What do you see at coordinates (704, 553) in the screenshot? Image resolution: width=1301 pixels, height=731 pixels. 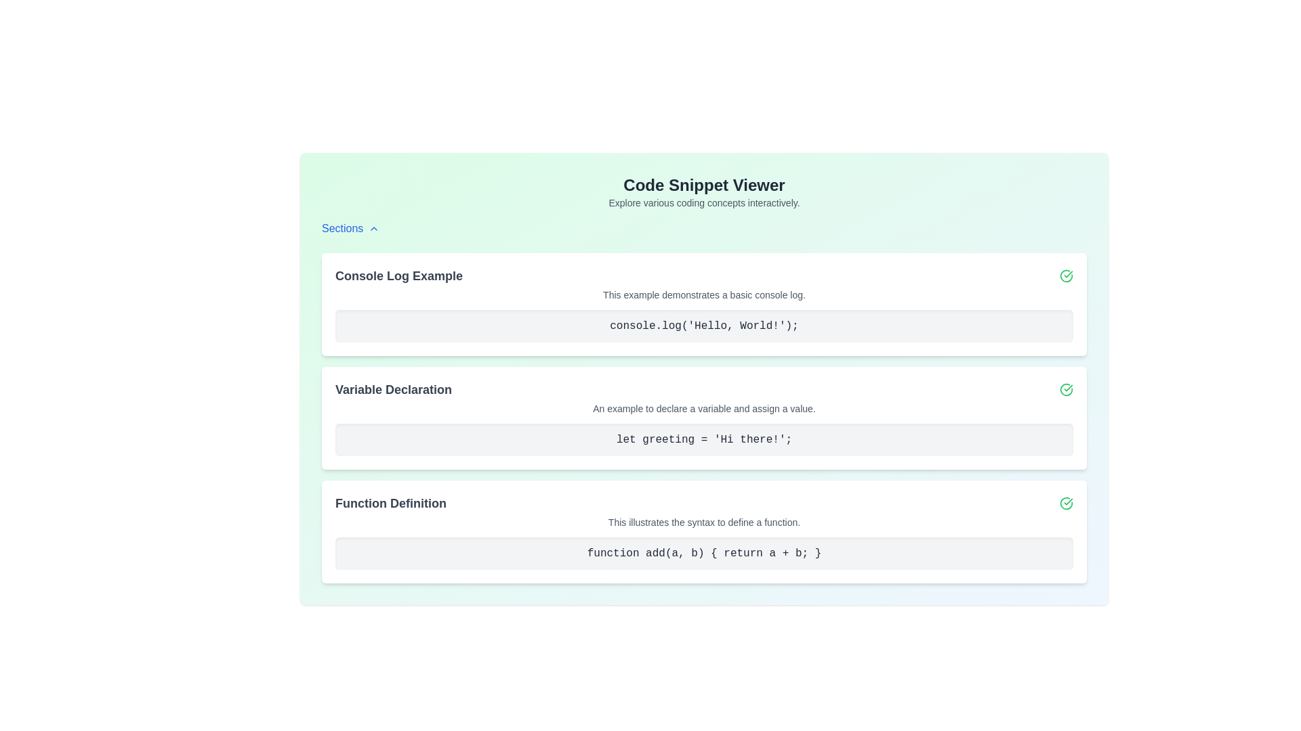 I see `the code snippet box displaying 'function add(a, b) { return a + b; }' located` at bounding box center [704, 553].